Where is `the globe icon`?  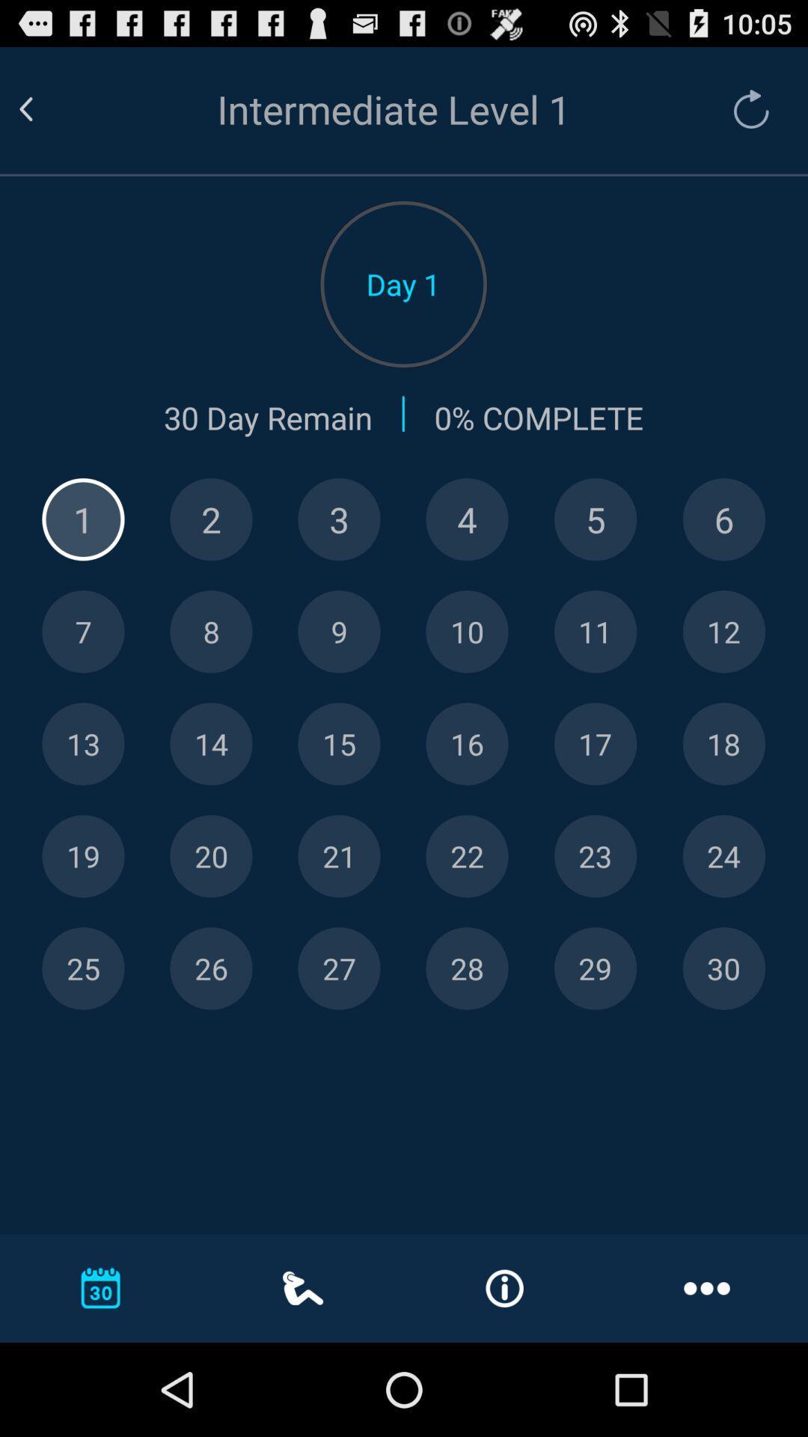 the globe icon is located at coordinates (723, 555).